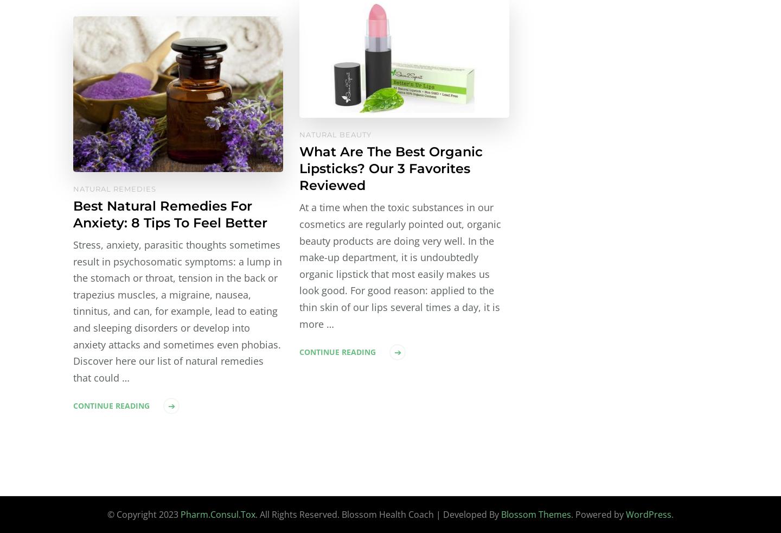 The width and height of the screenshot is (781, 533). Describe the element at coordinates (143, 515) in the screenshot. I see `'© Copyright 2023'` at that location.